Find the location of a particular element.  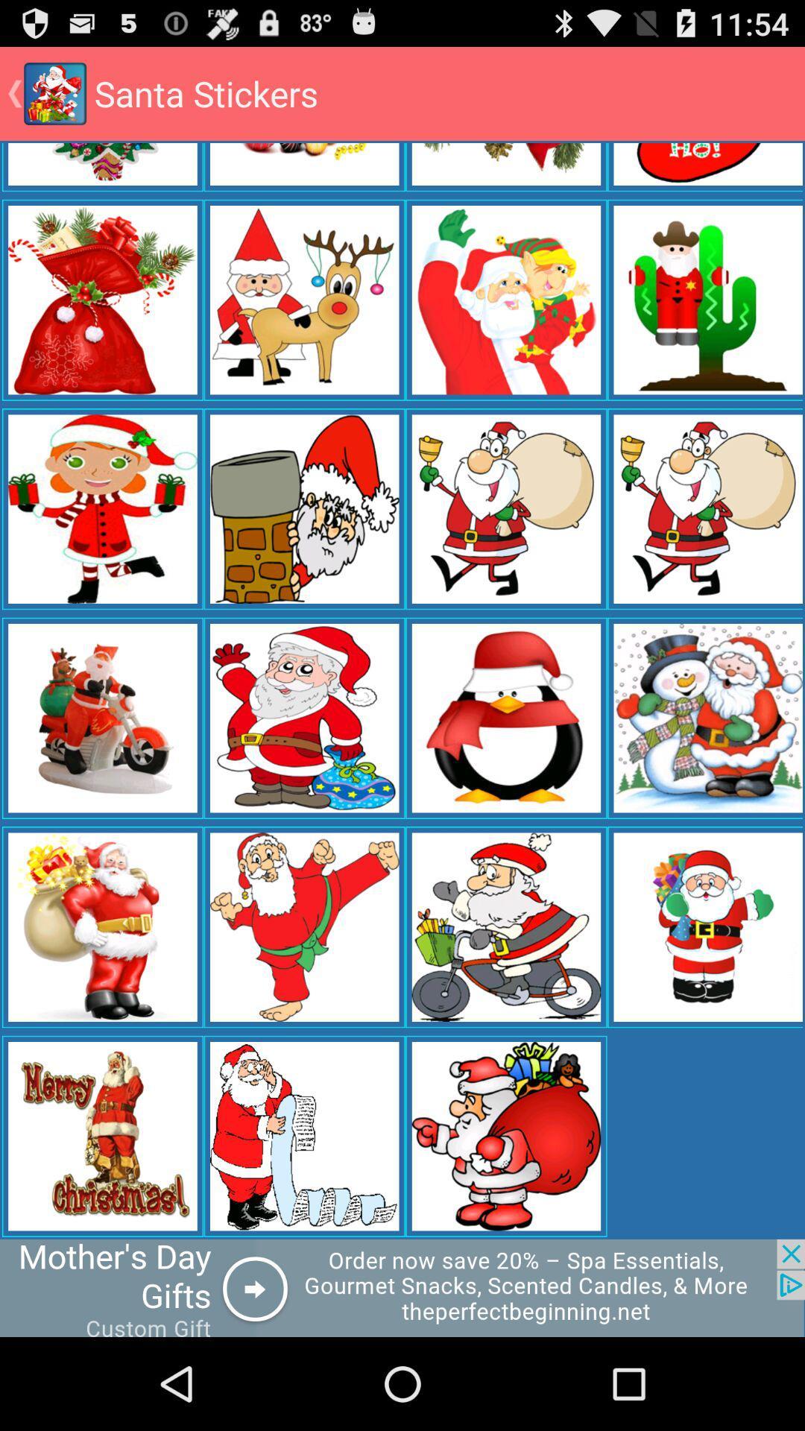

the second row third image is located at coordinates (505, 300).